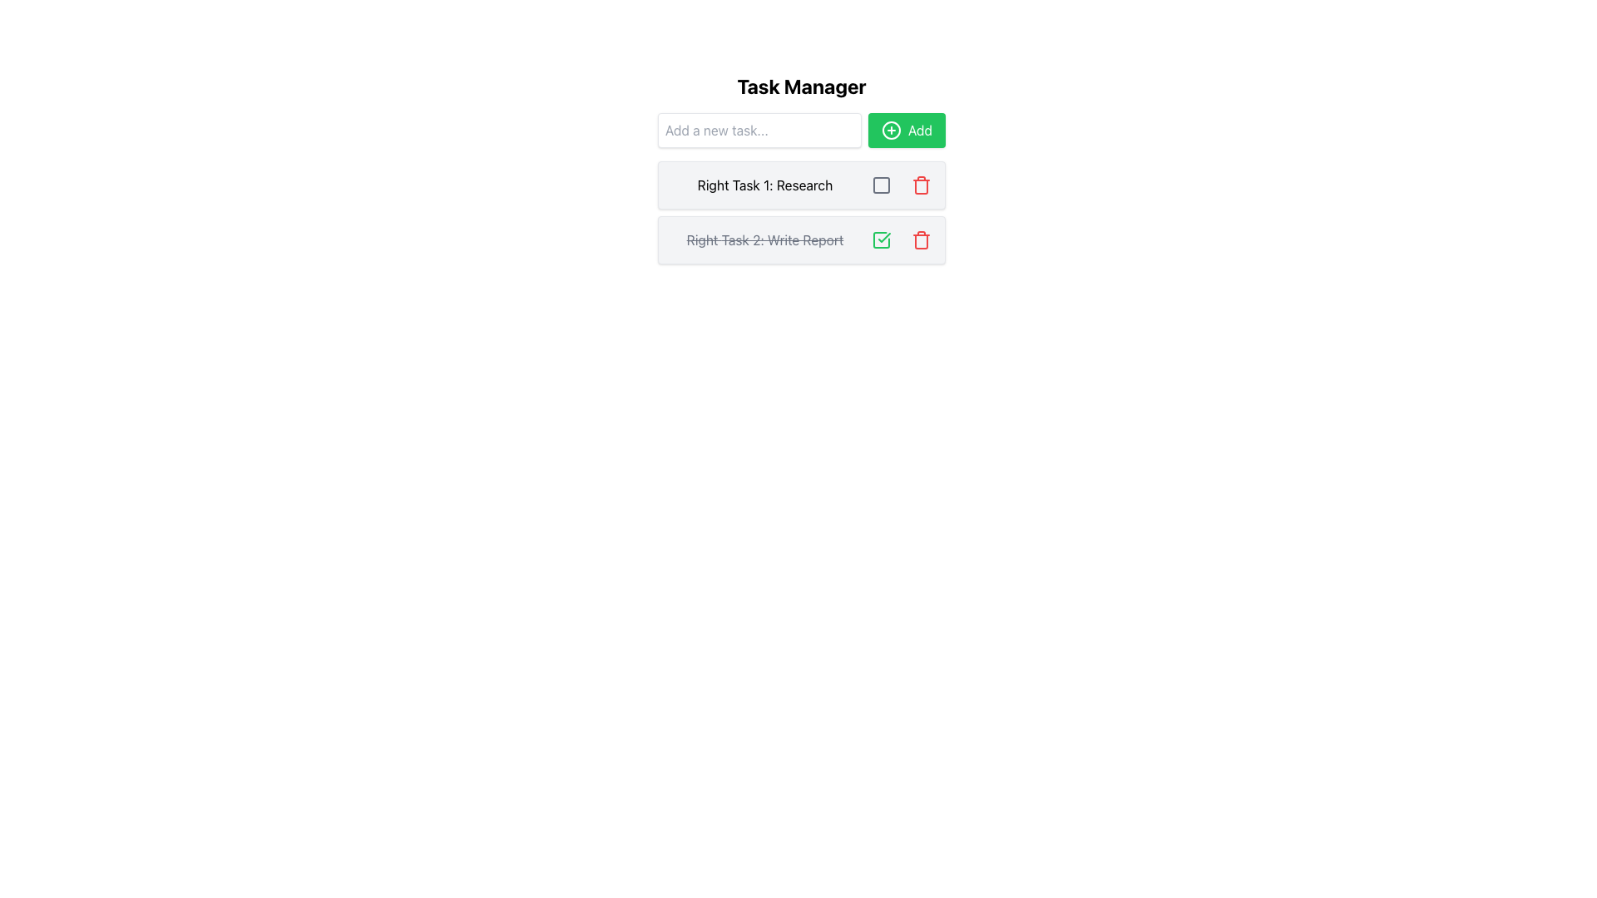 The width and height of the screenshot is (1597, 898). What do you see at coordinates (881, 185) in the screenshot?
I see `the small red square button located to the right of 'Right Task 1: Research' in the second task row for additional options` at bounding box center [881, 185].